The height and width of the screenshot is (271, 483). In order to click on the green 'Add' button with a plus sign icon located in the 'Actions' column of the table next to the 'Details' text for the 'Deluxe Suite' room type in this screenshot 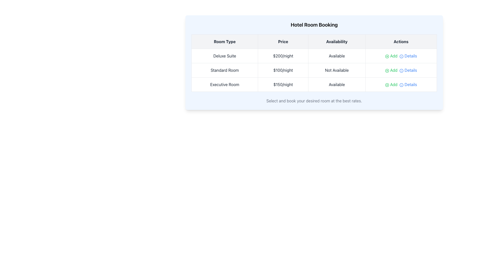, I will do `click(391, 56)`.